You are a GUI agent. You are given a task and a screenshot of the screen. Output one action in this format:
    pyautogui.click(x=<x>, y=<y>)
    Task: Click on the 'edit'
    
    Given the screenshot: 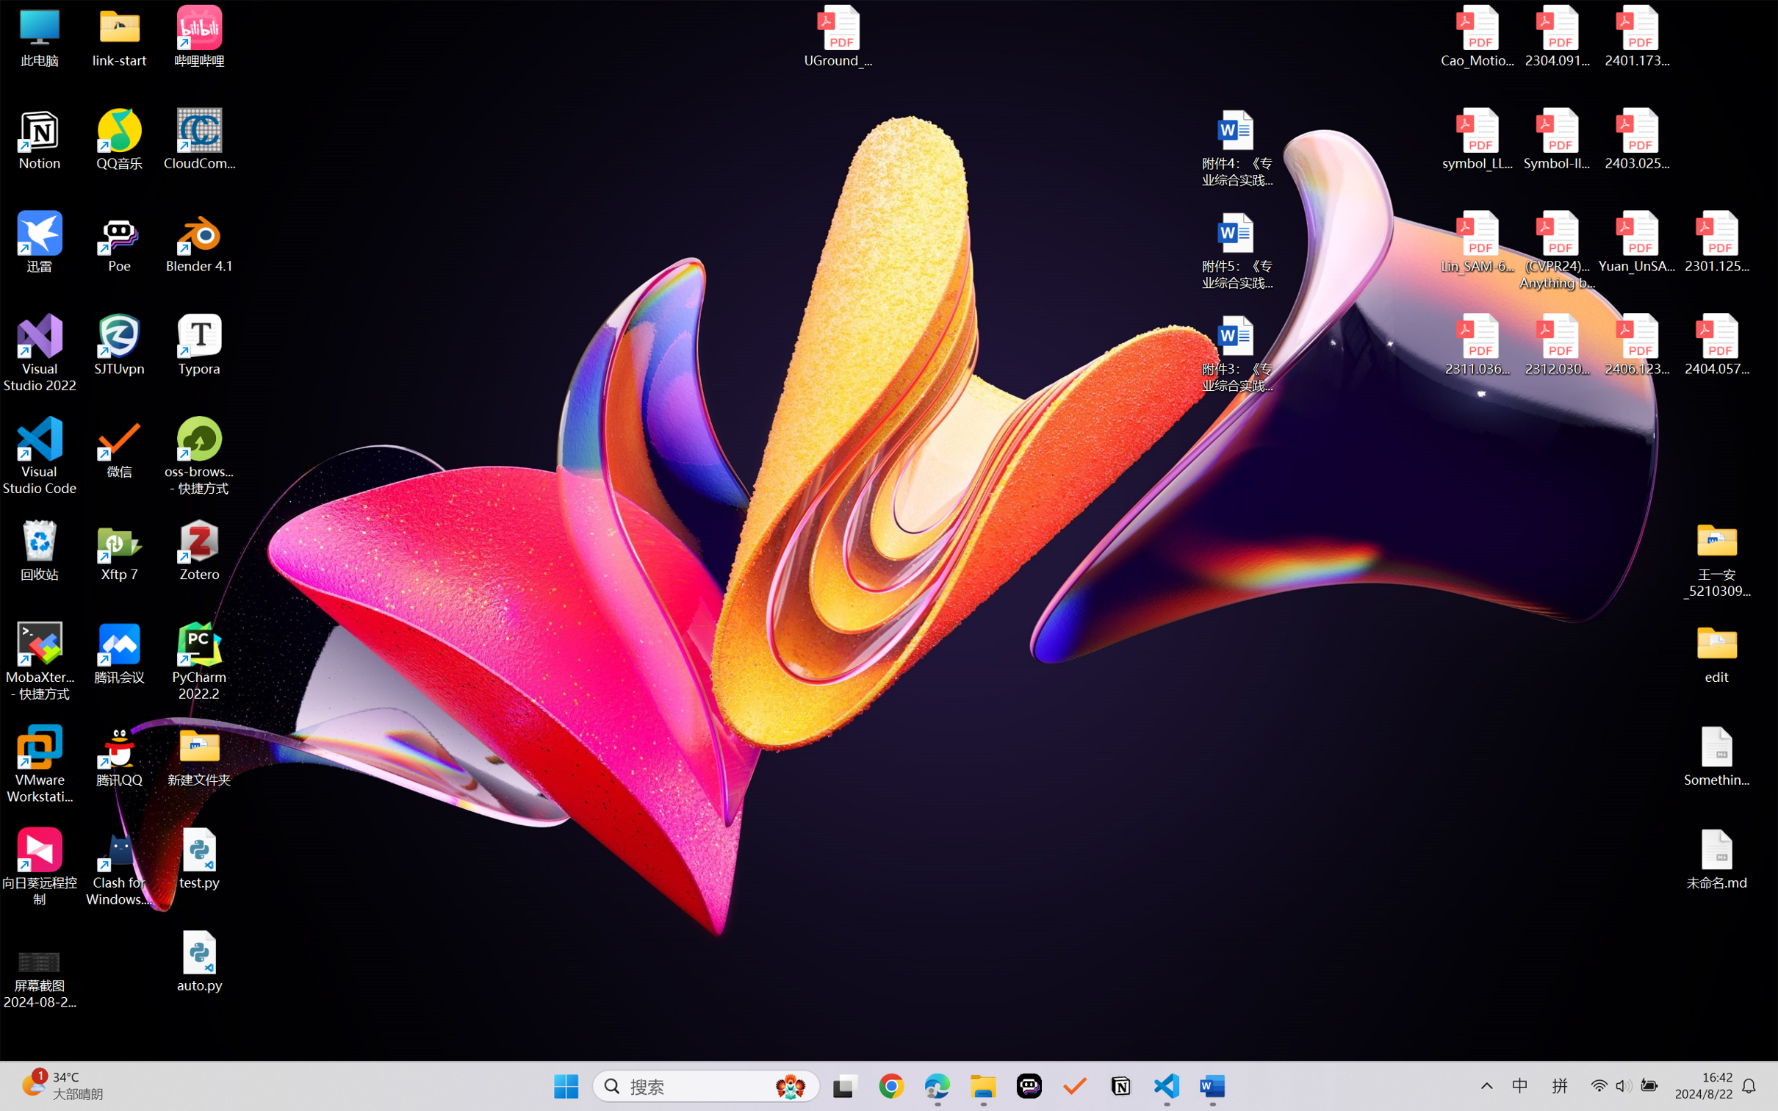 What is the action you would take?
    pyautogui.click(x=1716, y=652)
    